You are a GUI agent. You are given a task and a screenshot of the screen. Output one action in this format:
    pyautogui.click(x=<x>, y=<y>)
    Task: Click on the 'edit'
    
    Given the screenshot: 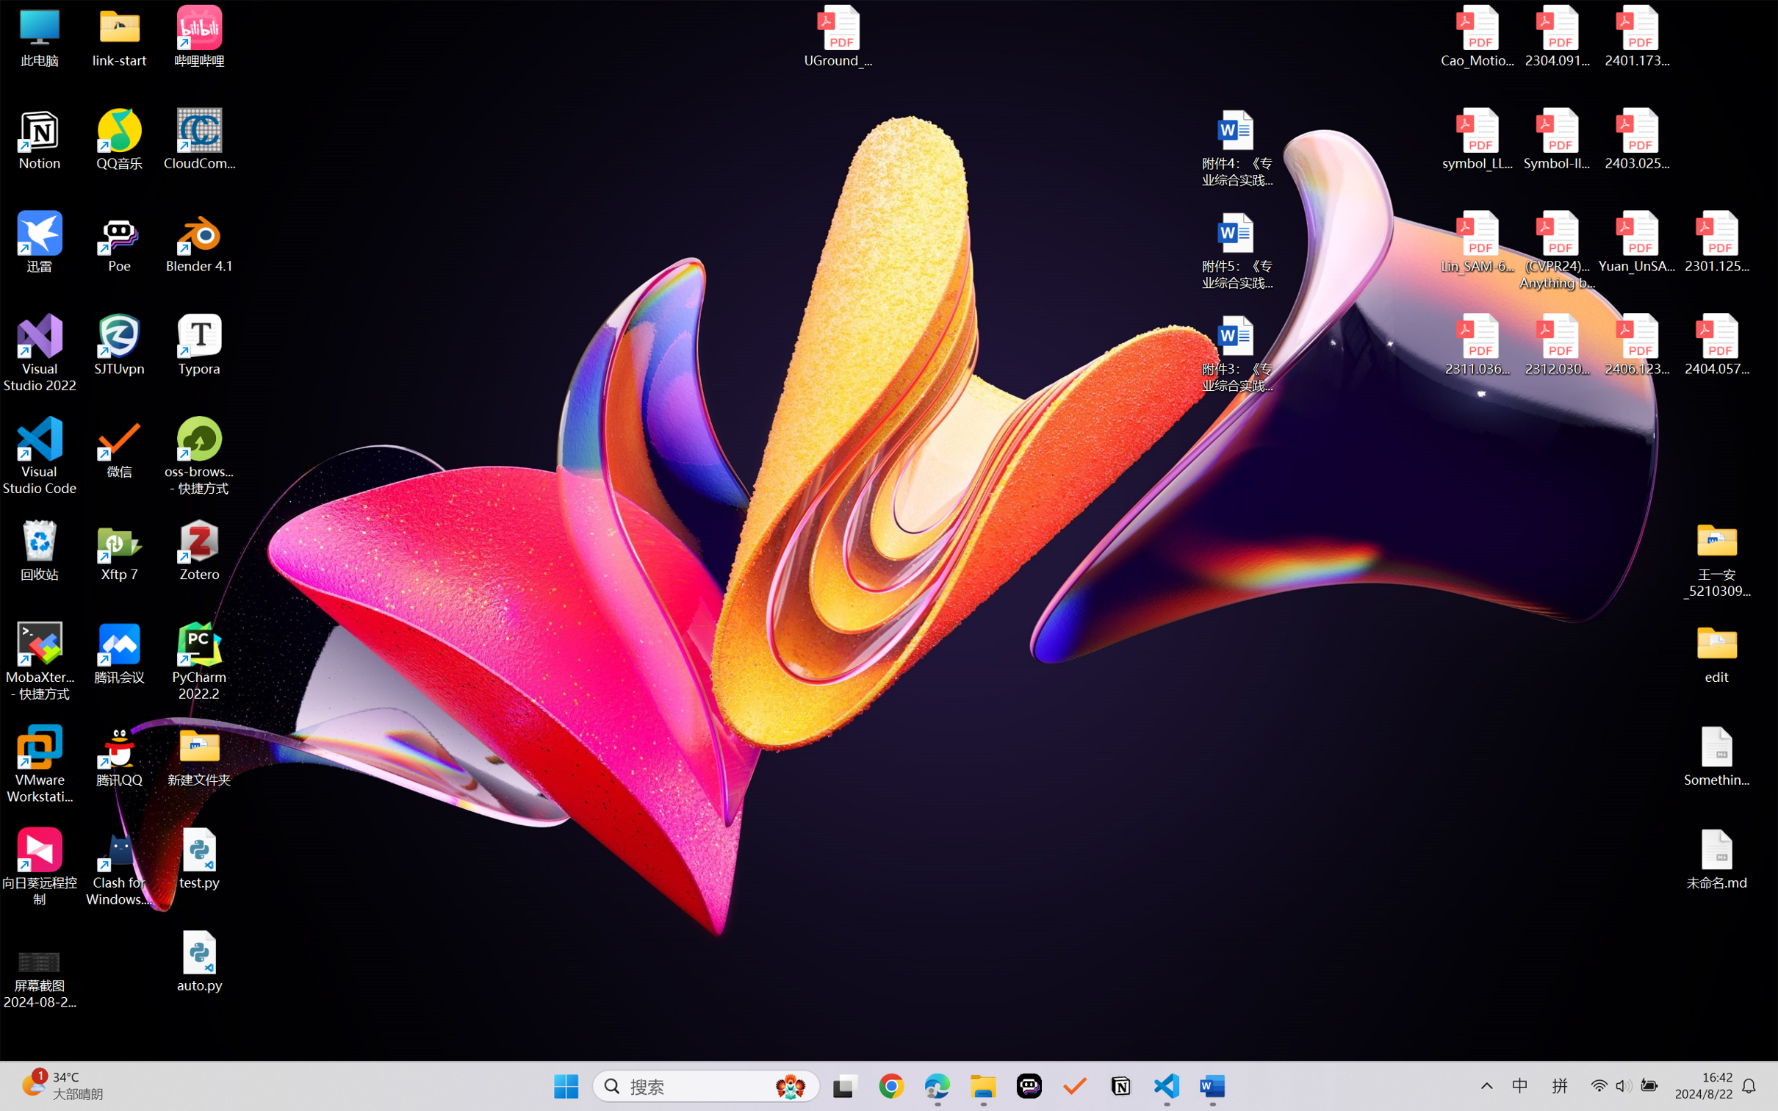 What is the action you would take?
    pyautogui.click(x=1716, y=652)
    